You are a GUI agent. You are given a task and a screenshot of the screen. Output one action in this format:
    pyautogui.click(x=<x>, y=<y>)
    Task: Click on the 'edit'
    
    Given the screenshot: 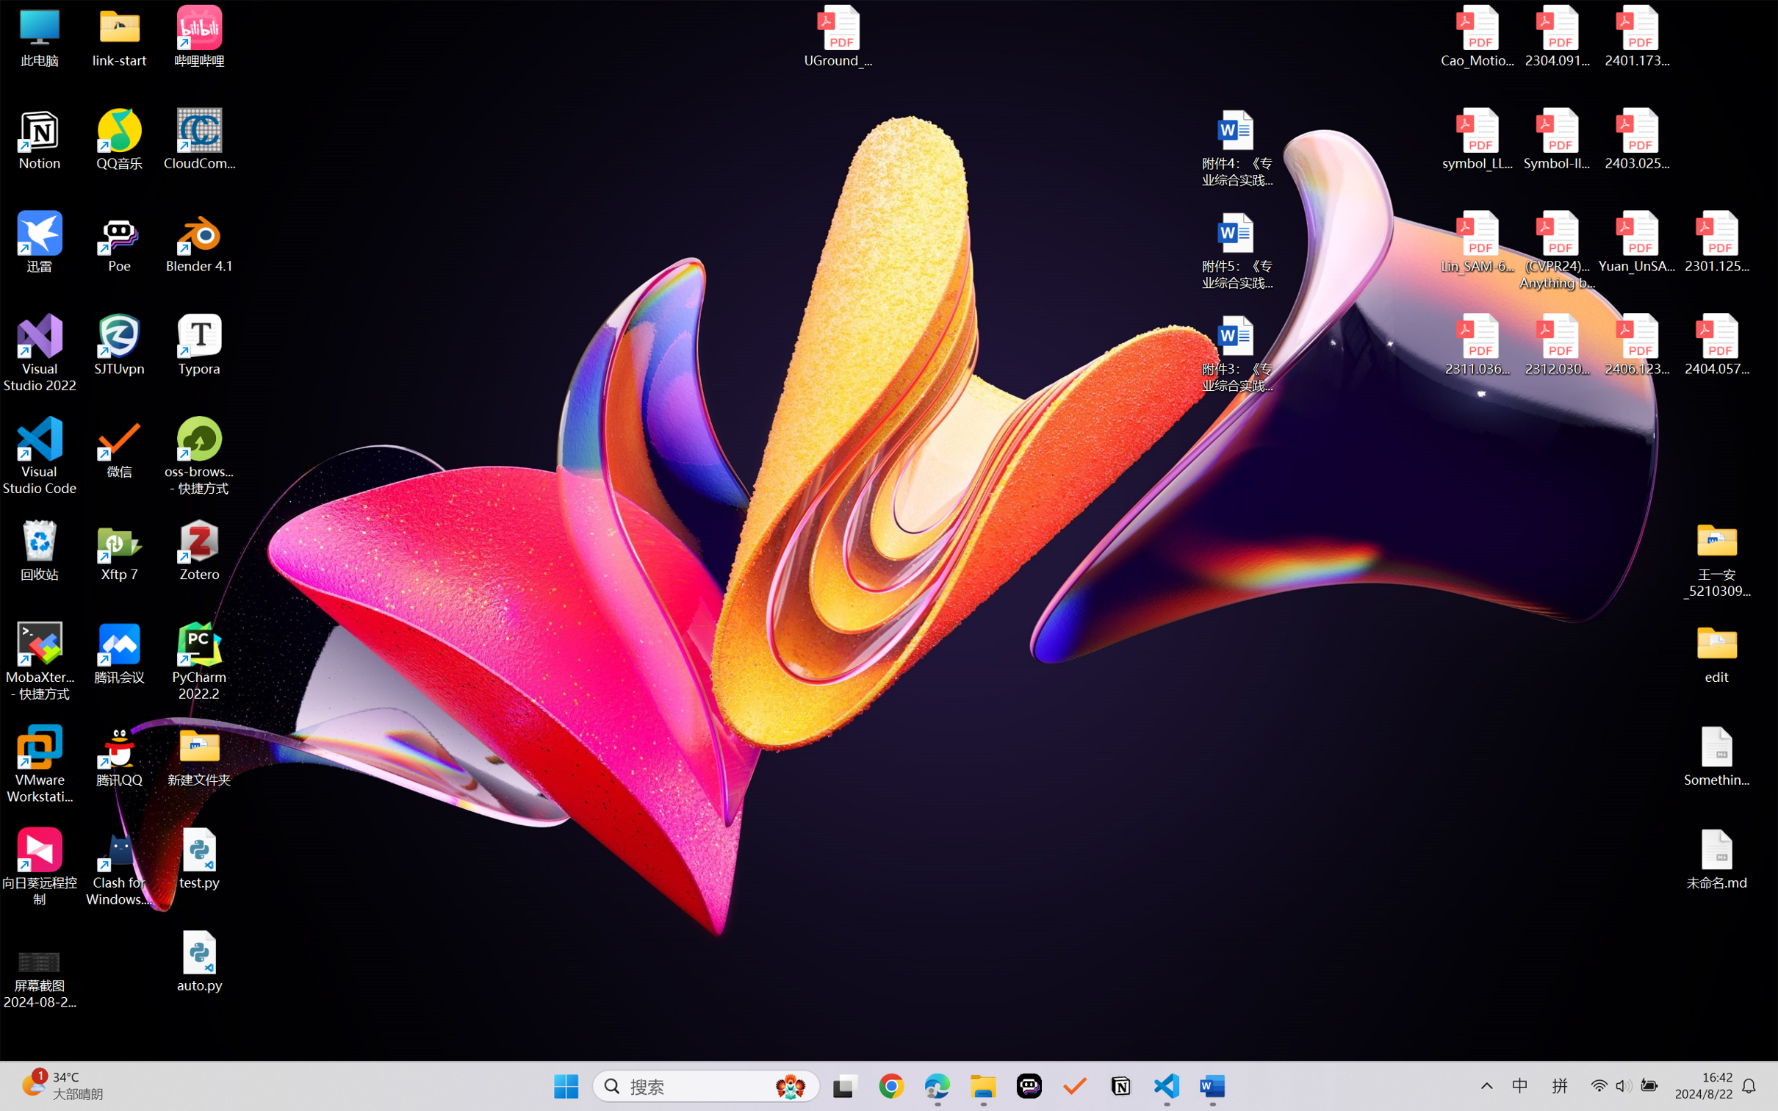 What is the action you would take?
    pyautogui.click(x=1716, y=652)
    